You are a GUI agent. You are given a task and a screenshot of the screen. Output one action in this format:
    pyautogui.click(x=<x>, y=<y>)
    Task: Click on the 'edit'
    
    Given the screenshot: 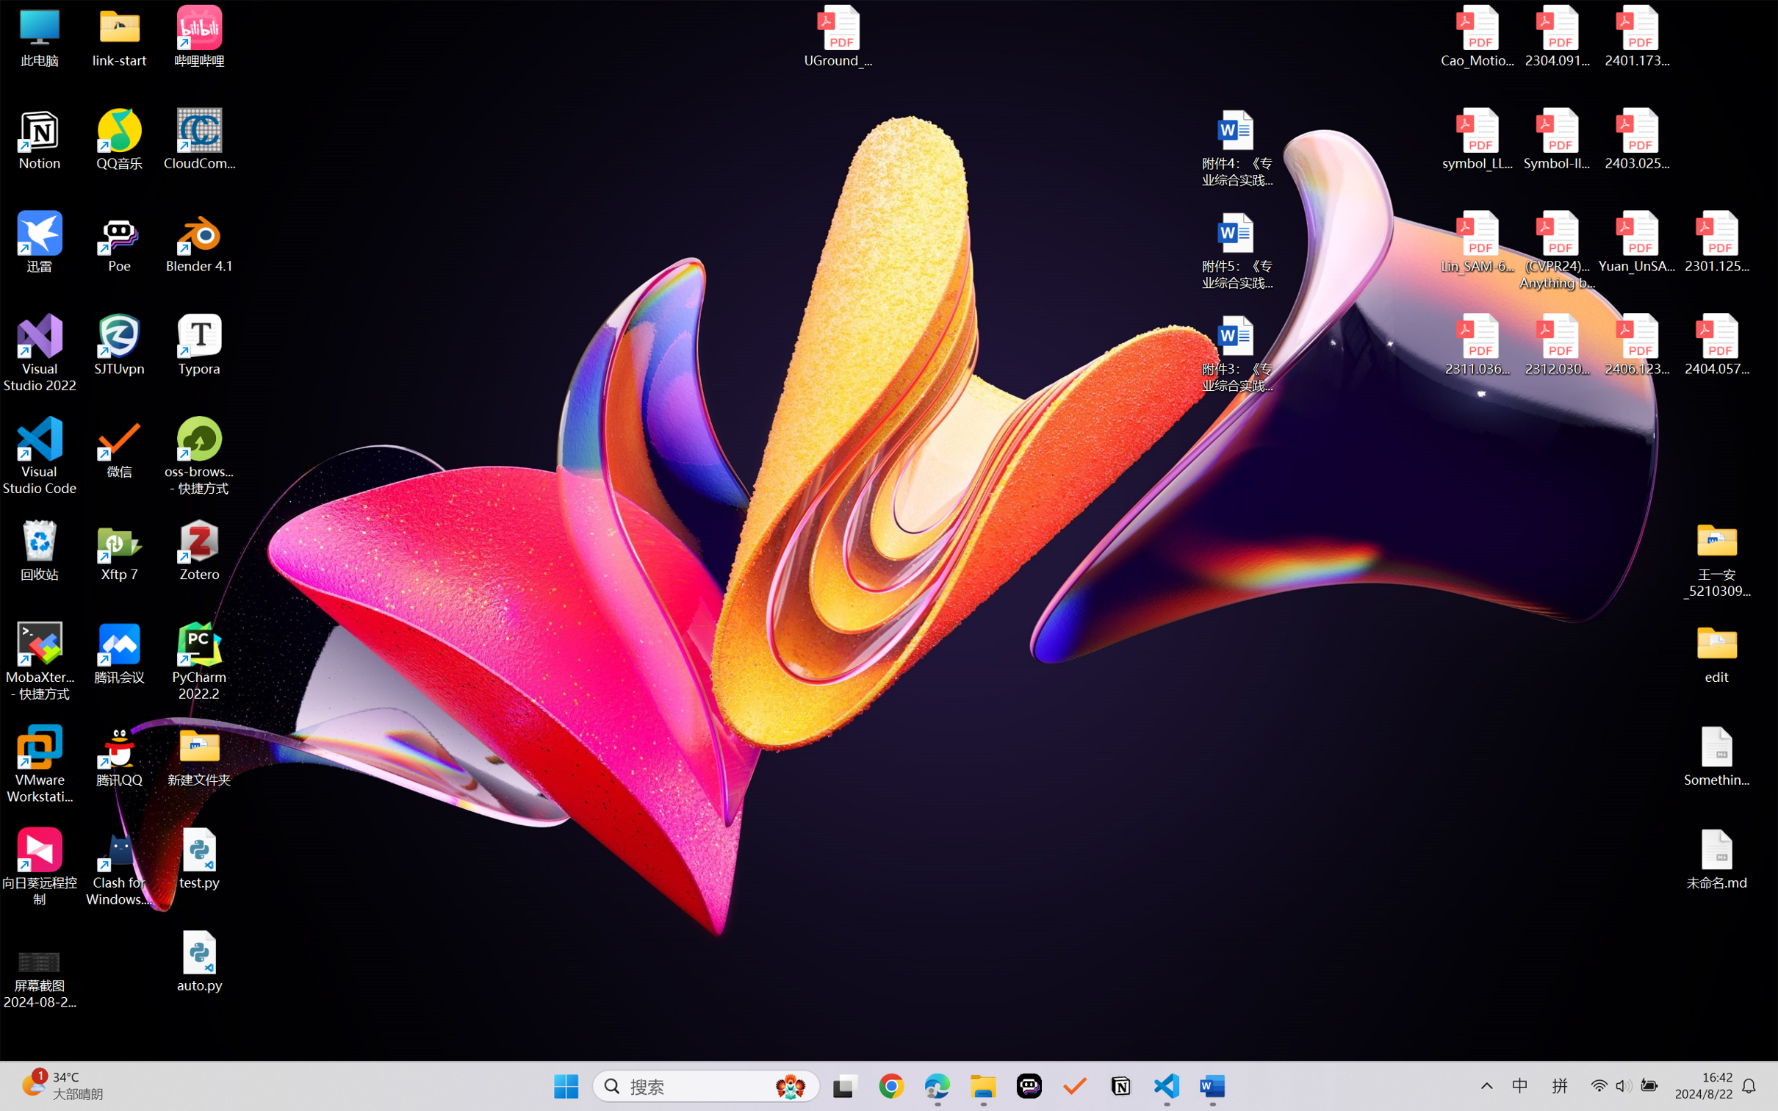 What is the action you would take?
    pyautogui.click(x=1716, y=652)
    